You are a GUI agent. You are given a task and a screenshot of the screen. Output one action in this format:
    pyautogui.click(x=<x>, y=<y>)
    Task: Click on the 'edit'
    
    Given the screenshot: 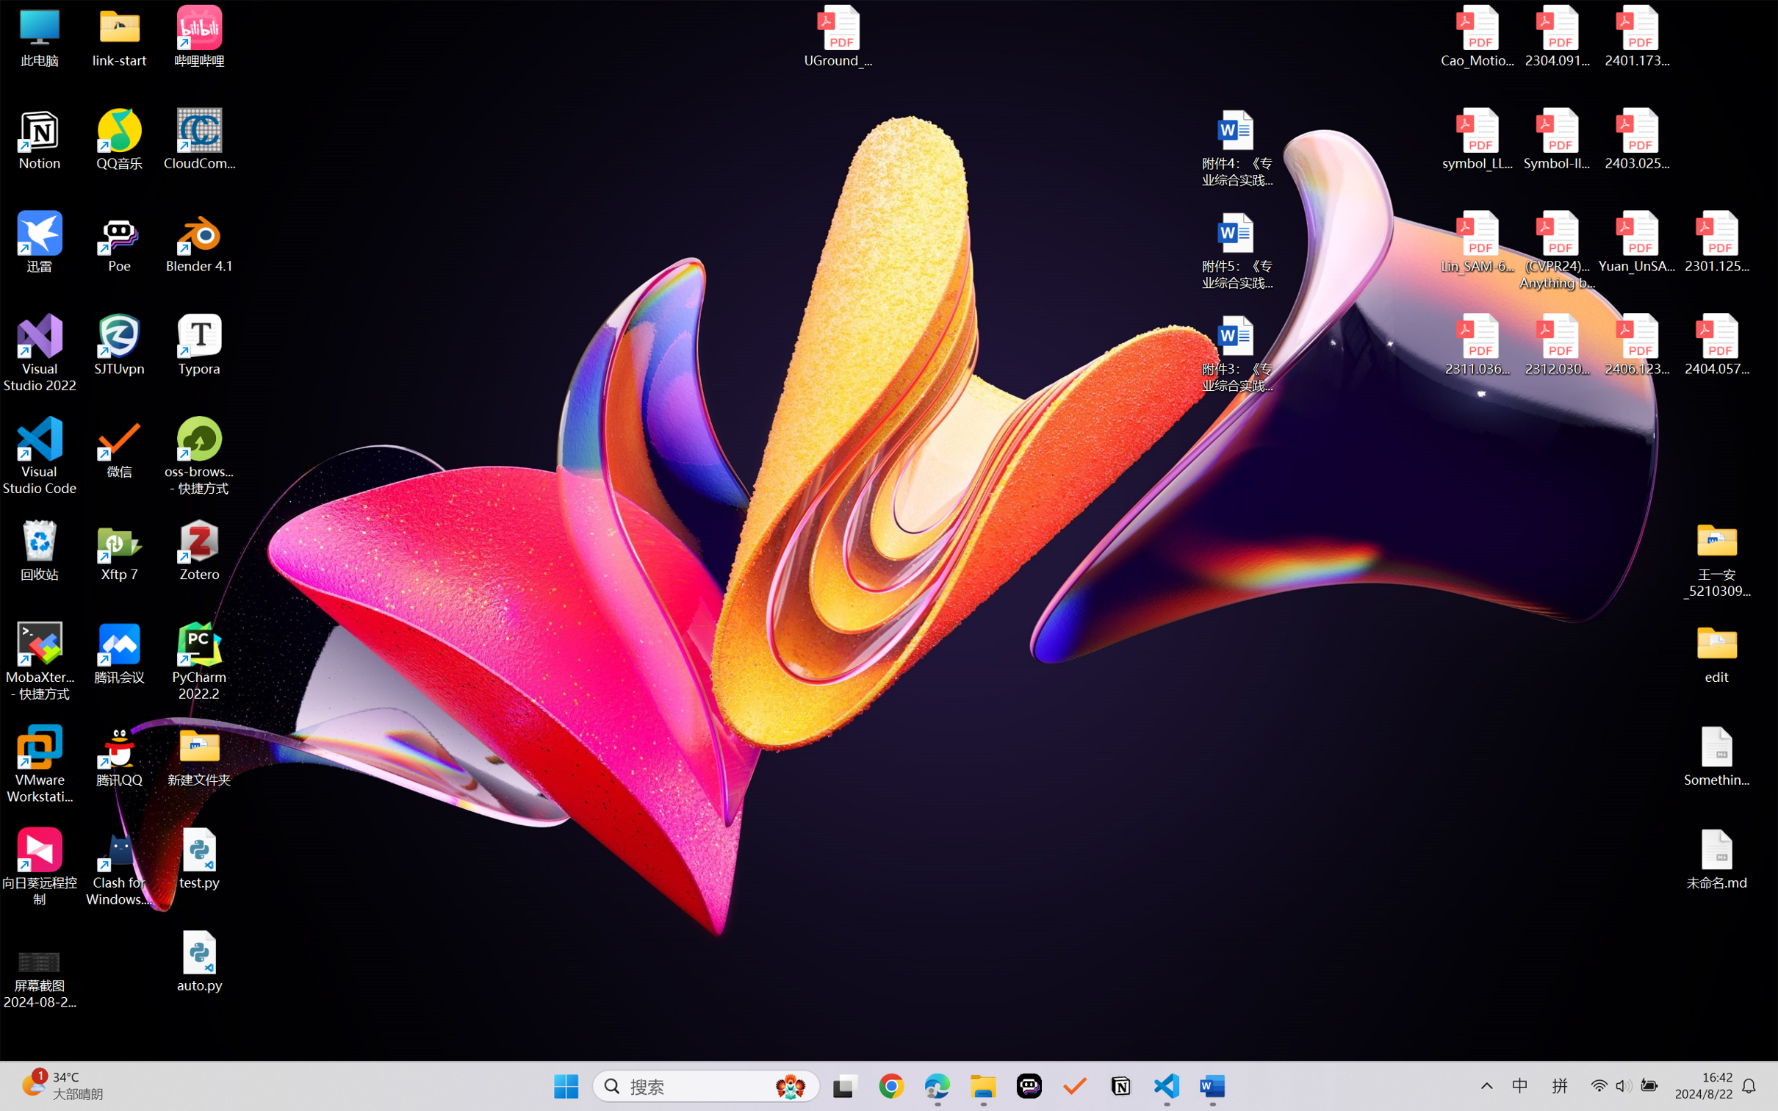 What is the action you would take?
    pyautogui.click(x=1716, y=652)
    